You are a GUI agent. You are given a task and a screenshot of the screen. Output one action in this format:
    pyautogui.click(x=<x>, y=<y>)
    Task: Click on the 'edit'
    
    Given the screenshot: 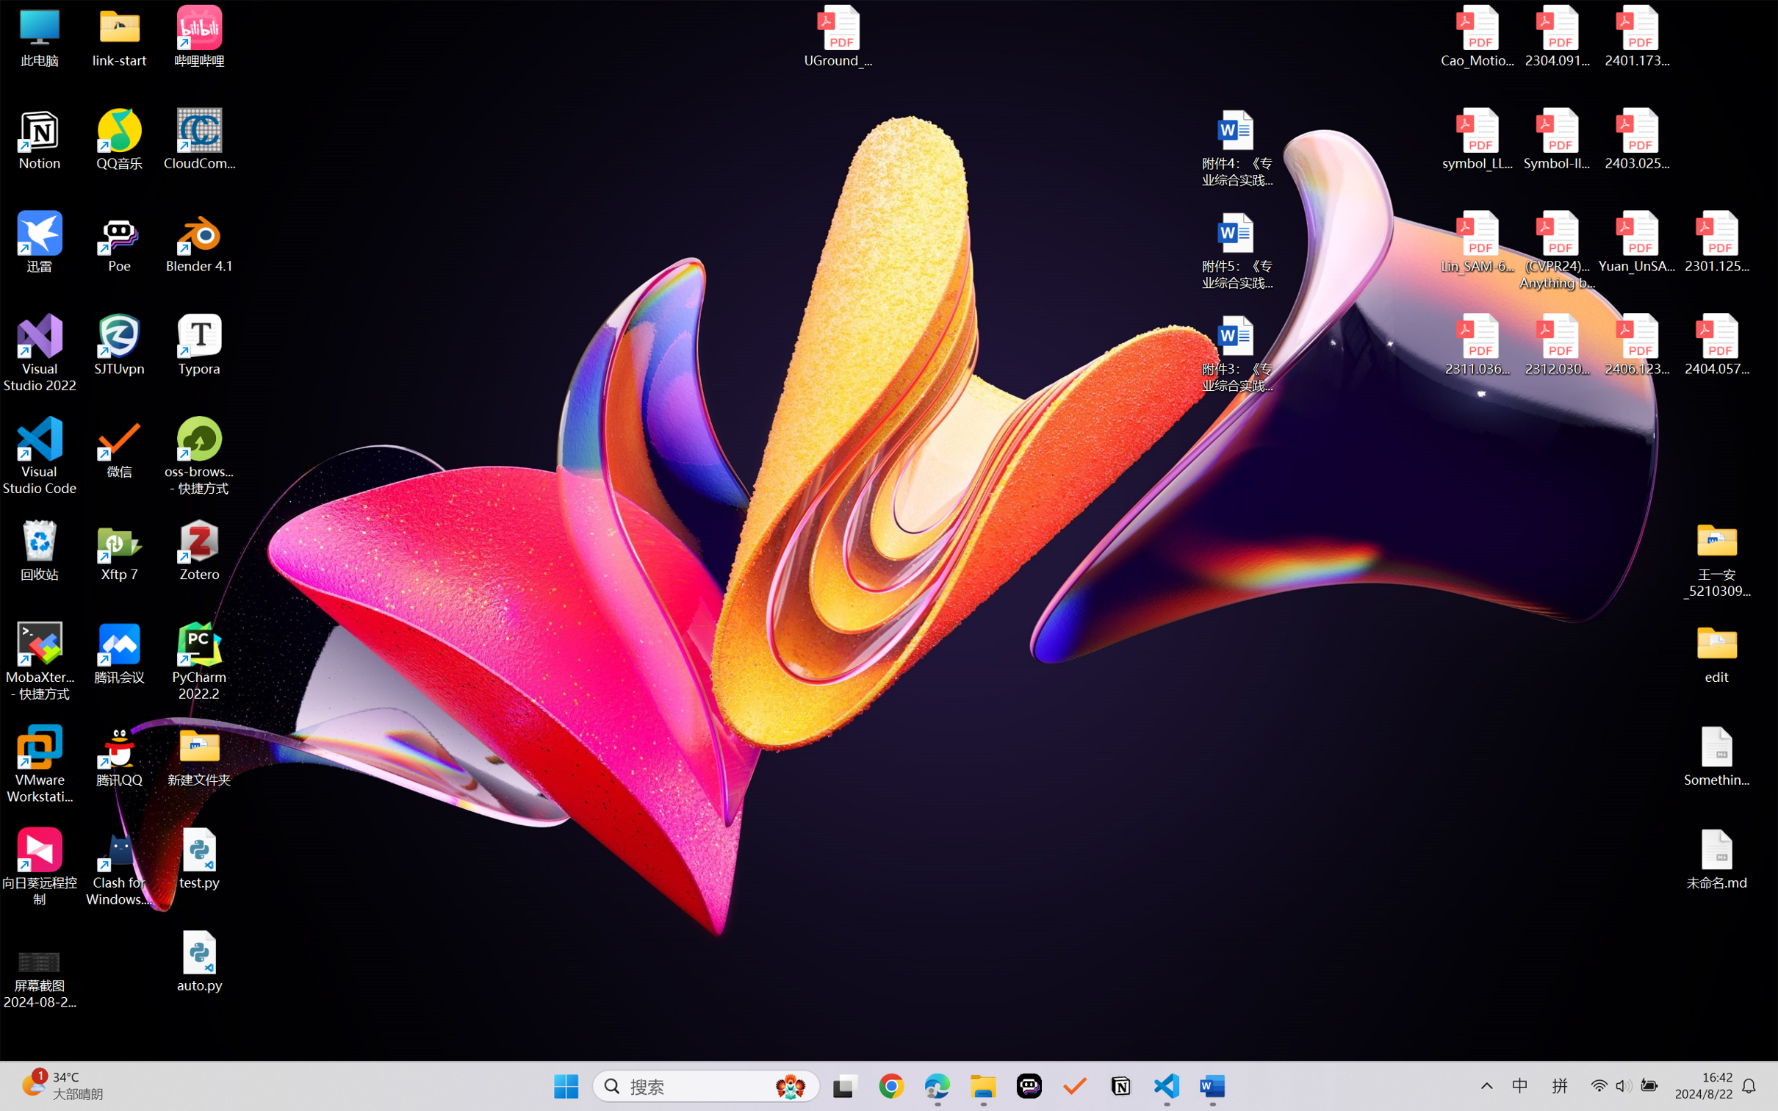 What is the action you would take?
    pyautogui.click(x=1716, y=652)
    